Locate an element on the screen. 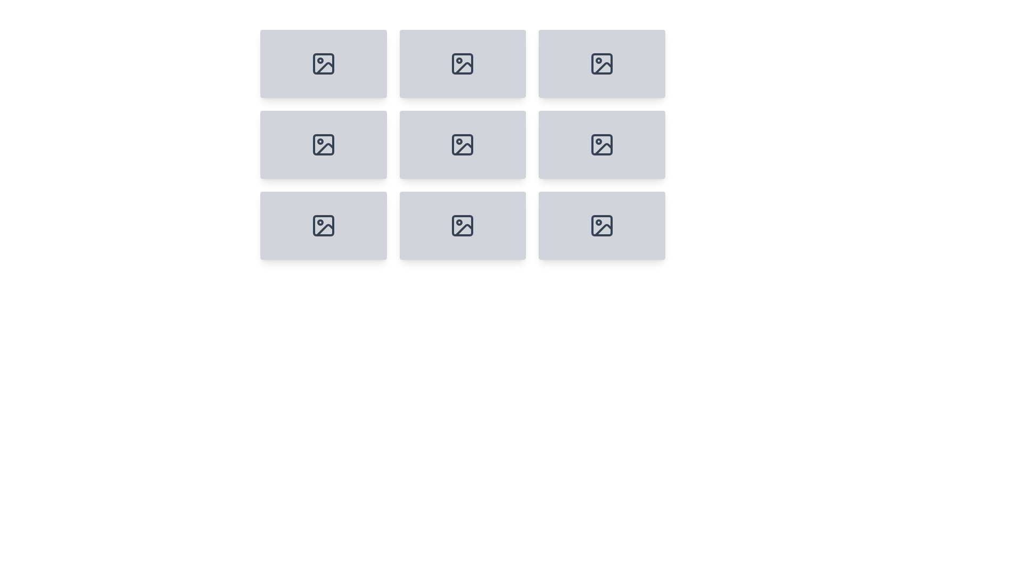  the image placeholder located at the bottom row, middle column of the grid layout is located at coordinates (463, 225).